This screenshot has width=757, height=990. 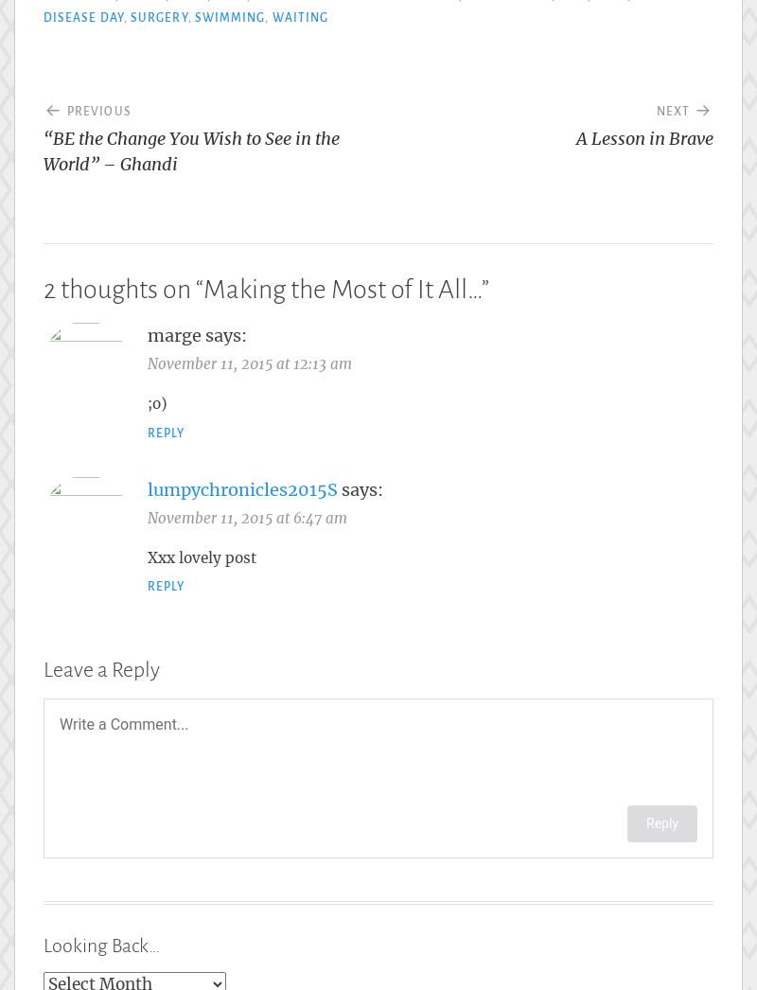 What do you see at coordinates (671, 110) in the screenshot?
I see `'Next'` at bounding box center [671, 110].